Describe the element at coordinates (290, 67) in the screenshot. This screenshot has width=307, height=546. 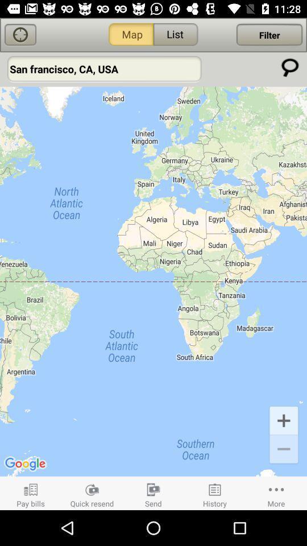
I see `execute keyword search` at that location.